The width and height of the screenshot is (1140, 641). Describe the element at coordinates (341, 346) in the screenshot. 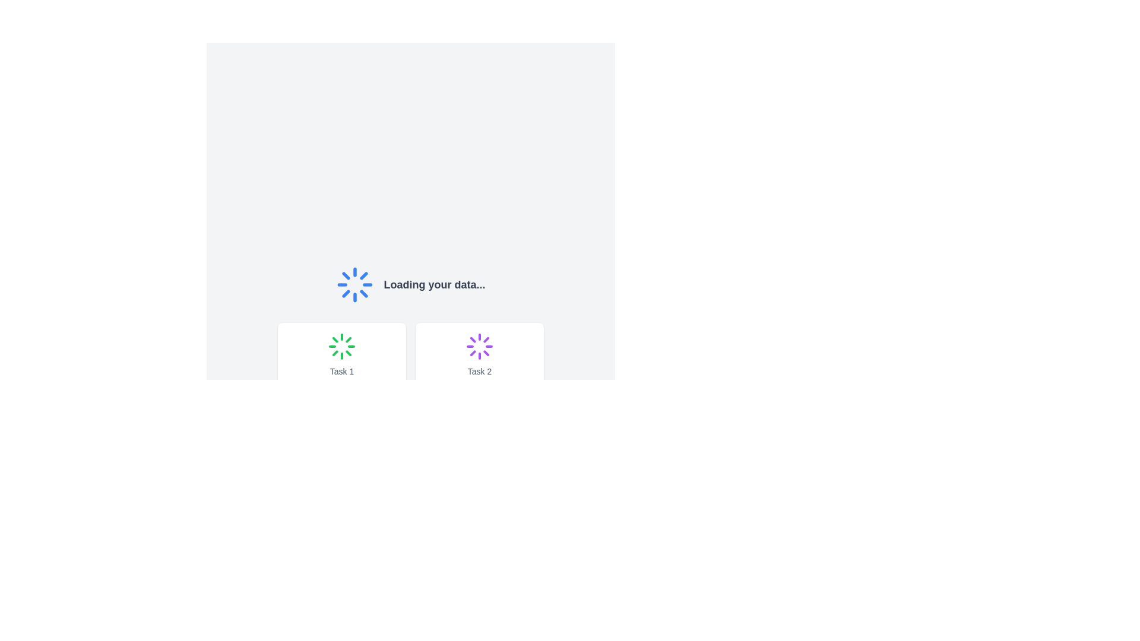

I see `the green circular spinning loader that indicates an ongoing task, located below the text label 'Task 1'` at that location.